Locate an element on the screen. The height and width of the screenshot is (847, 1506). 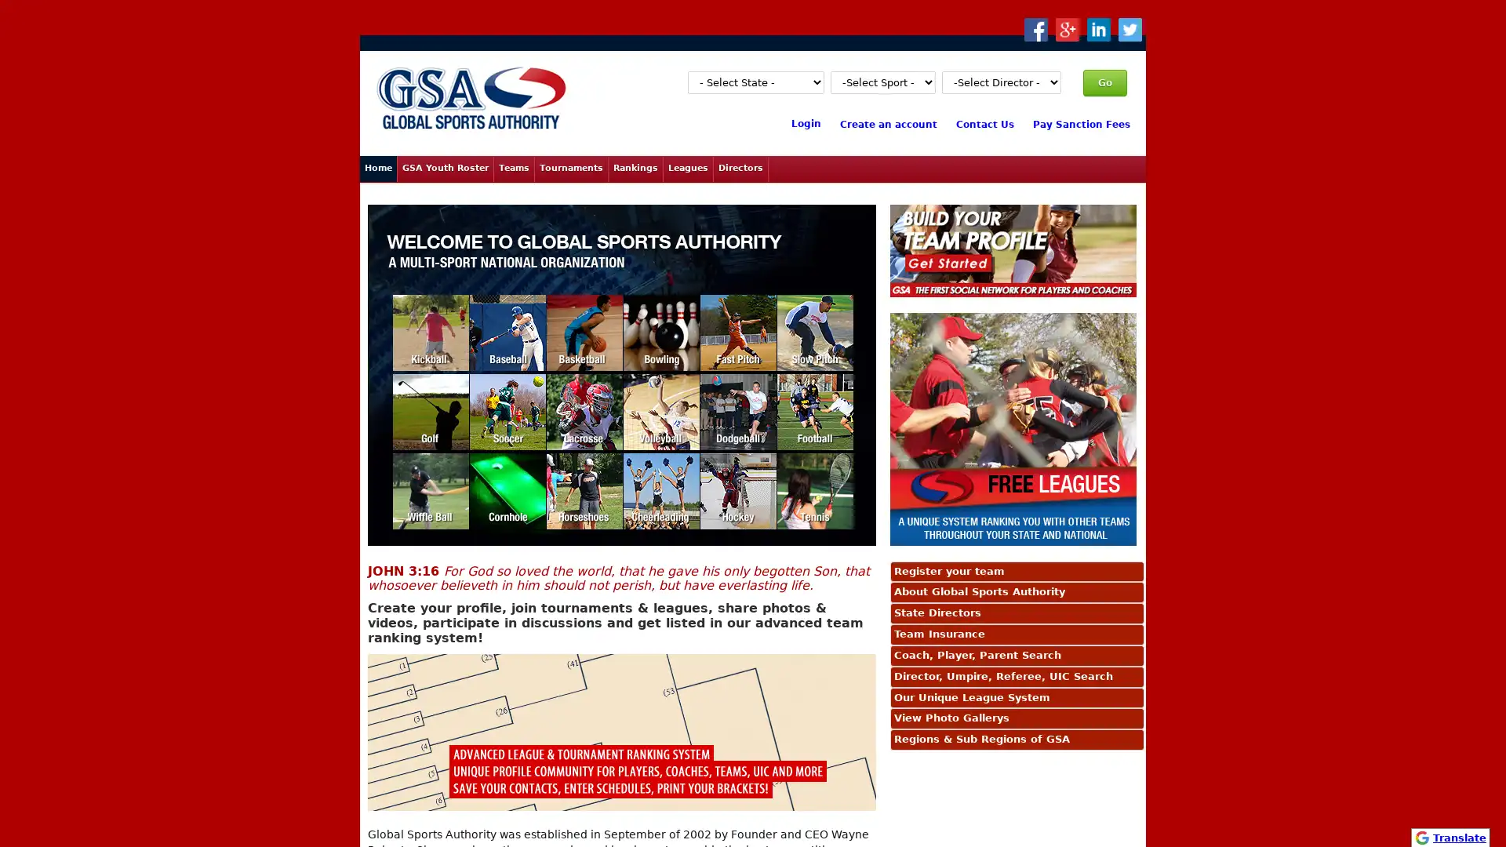
Go is located at coordinates (1104, 82).